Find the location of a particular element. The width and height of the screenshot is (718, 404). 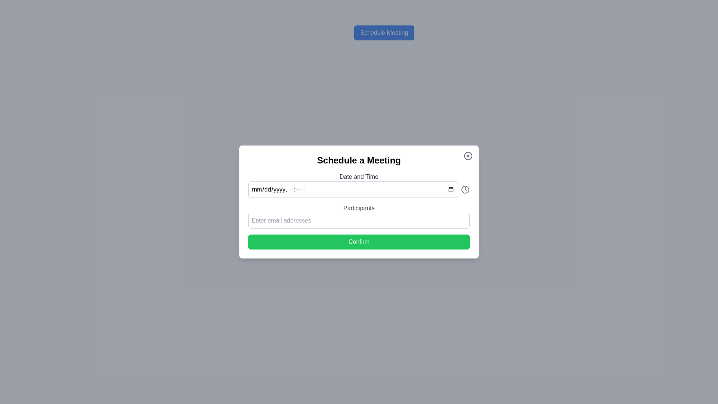

the text label displaying 'Date and Time', which is styled in gray and positioned centrally above the date-time input field in the modal popup is located at coordinates (359, 177).